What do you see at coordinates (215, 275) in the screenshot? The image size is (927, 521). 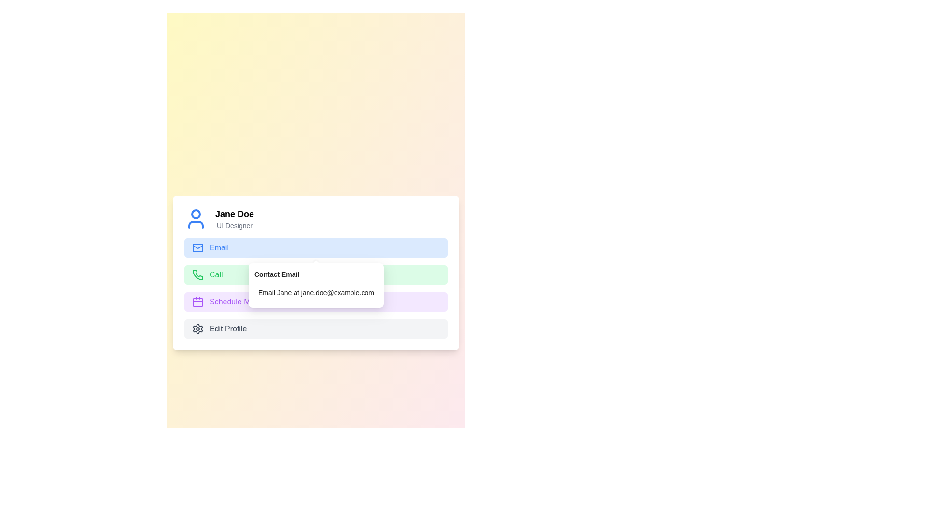 I see `the text label associated with making a phone call to the contact depicted in the profile, located to the right of the telephone icon in a green-colored rectangular area` at bounding box center [215, 275].